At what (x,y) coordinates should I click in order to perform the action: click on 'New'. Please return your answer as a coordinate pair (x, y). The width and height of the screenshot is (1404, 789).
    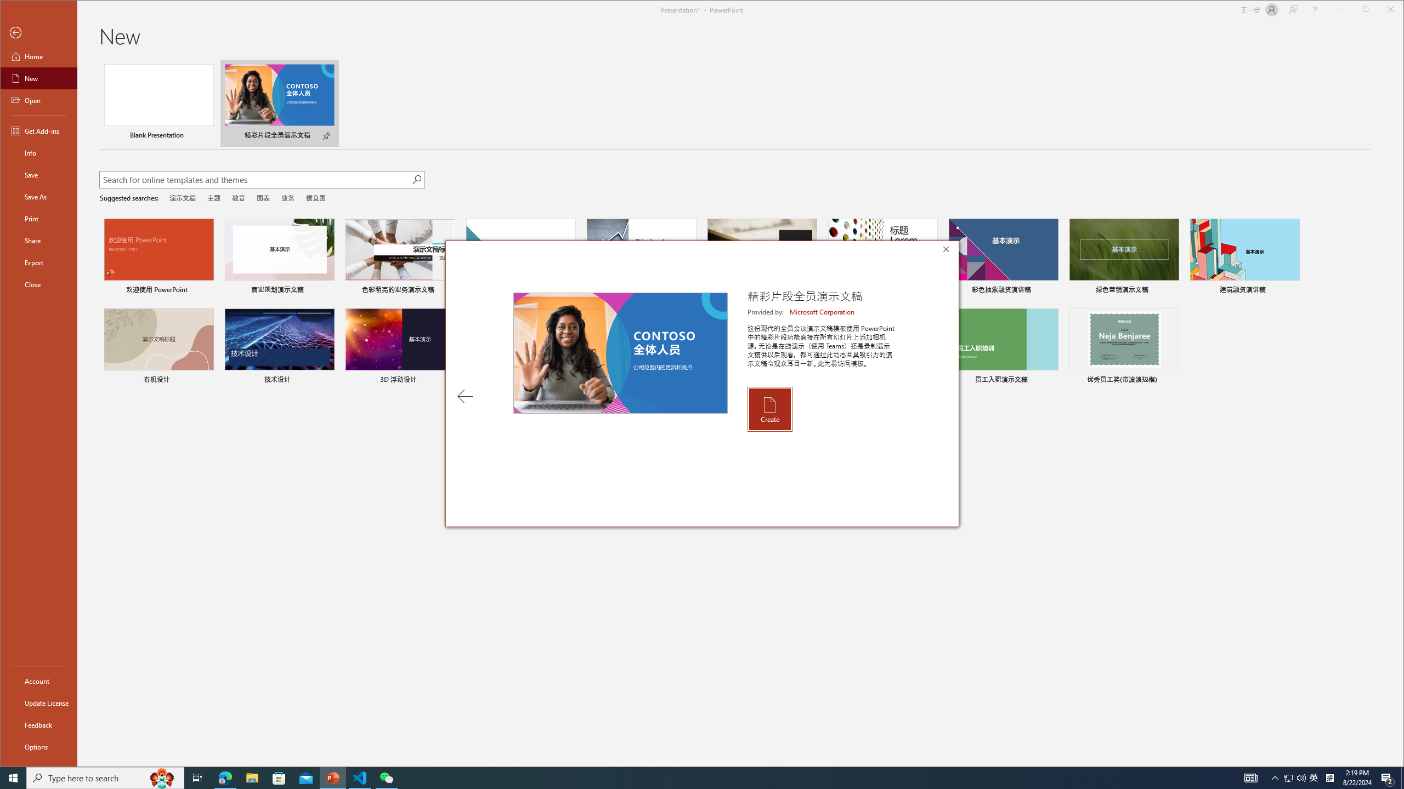
    Looking at the image, I should click on (38, 77).